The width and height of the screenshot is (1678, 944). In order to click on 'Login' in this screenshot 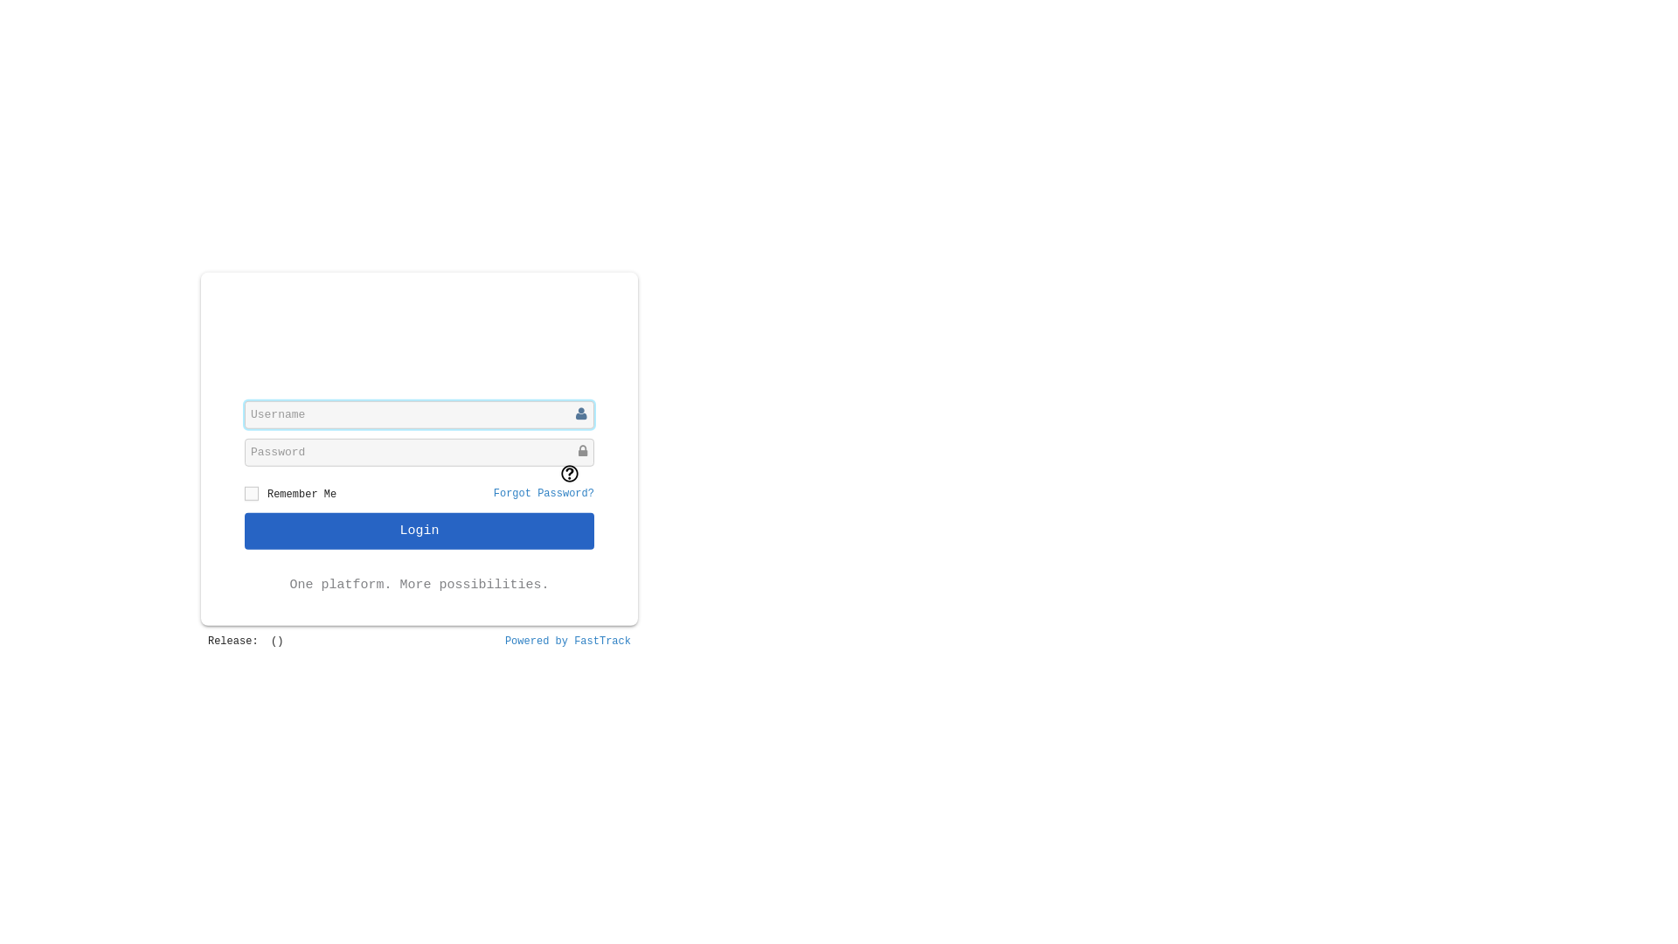, I will do `click(419, 529)`.